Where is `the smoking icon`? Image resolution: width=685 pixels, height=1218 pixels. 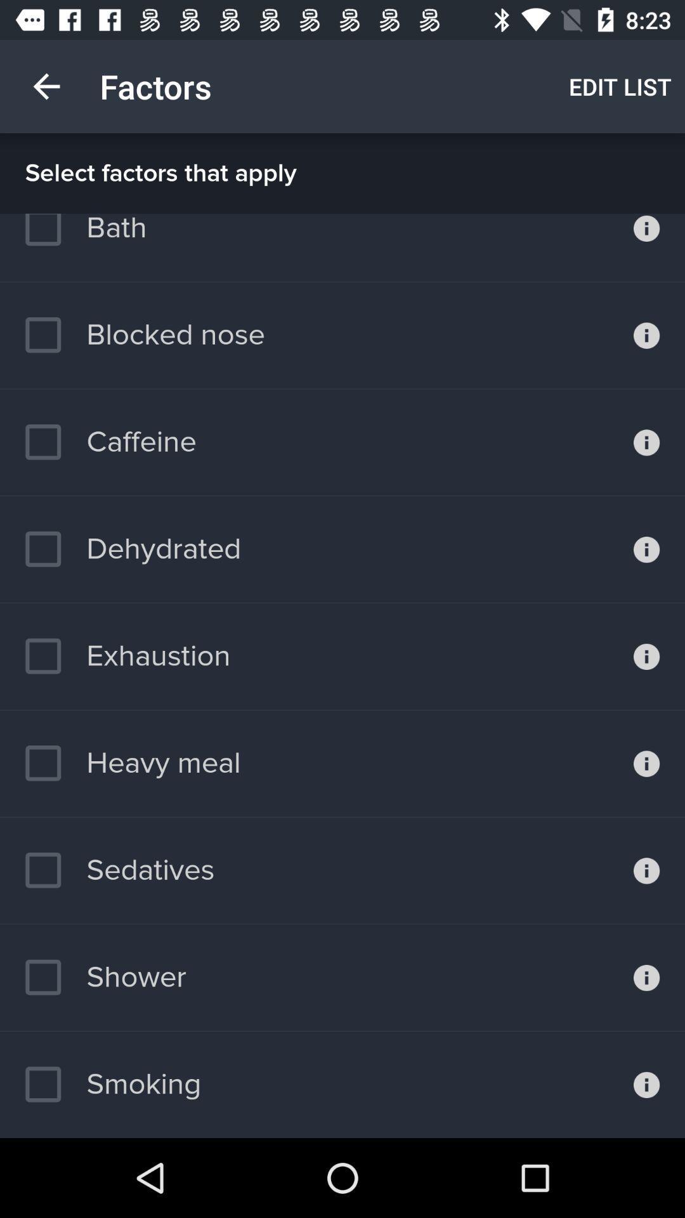
the smoking icon is located at coordinates (112, 1084).